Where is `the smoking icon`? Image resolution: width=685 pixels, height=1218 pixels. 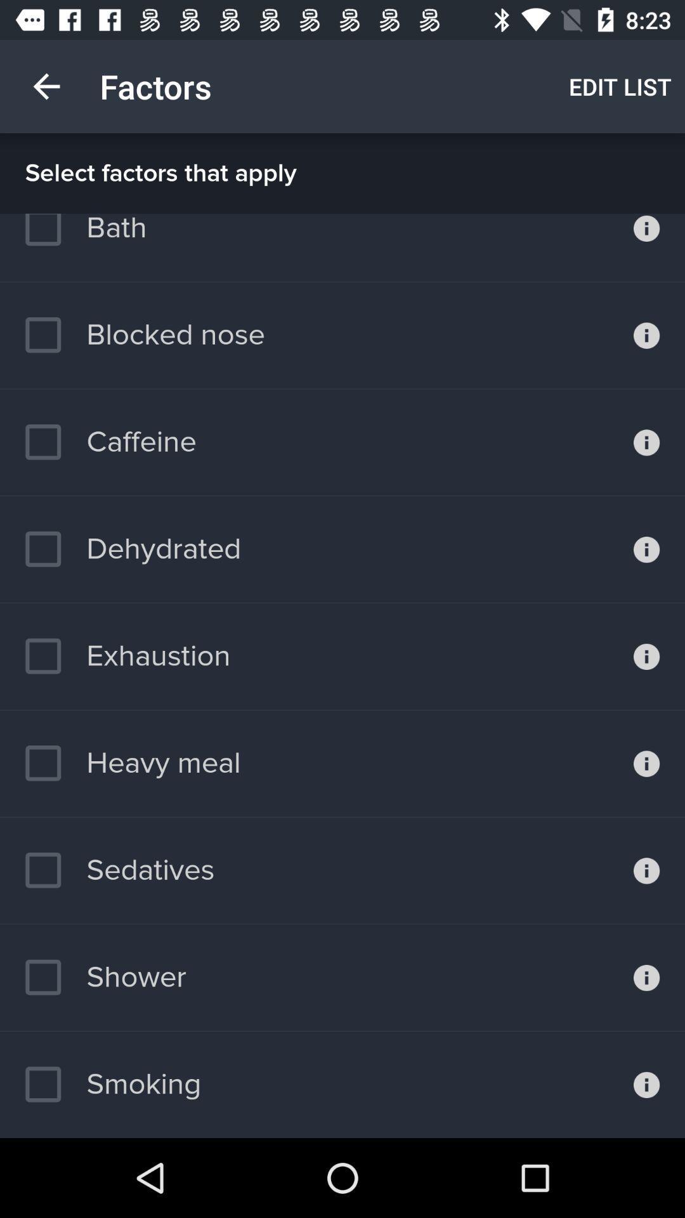
the smoking icon is located at coordinates (112, 1084).